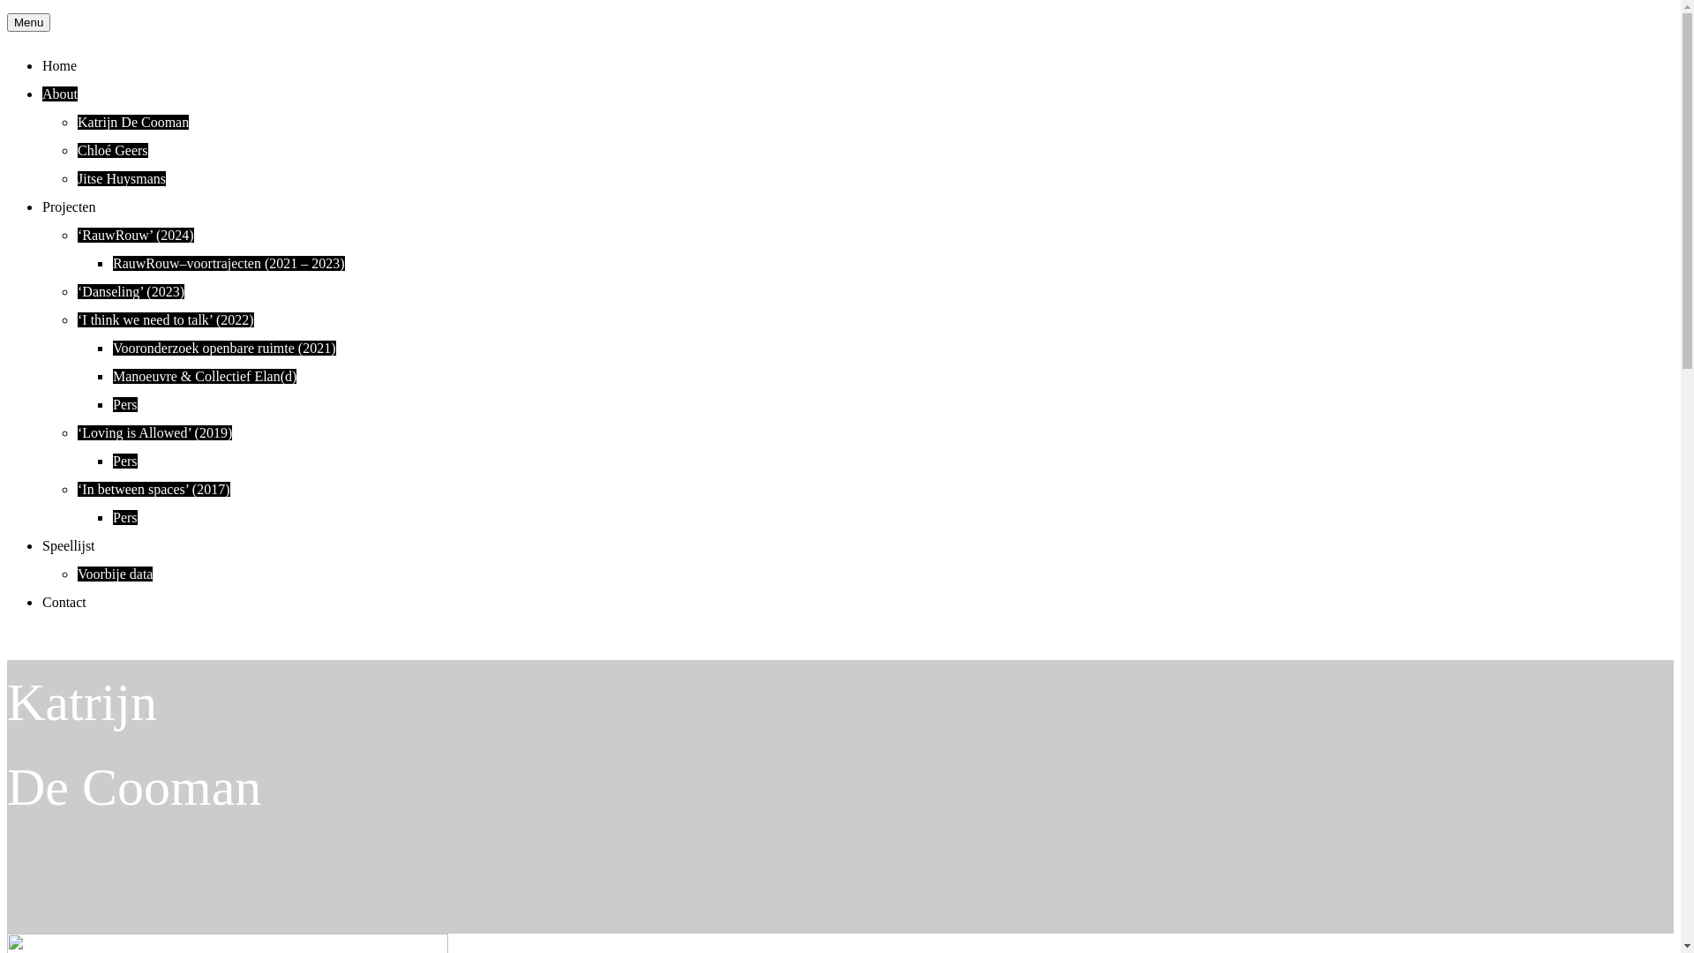 Image resolution: width=1694 pixels, height=953 pixels. What do you see at coordinates (124, 516) in the screenshot?
I see `'Pers'` at bounding box center [124, 516].